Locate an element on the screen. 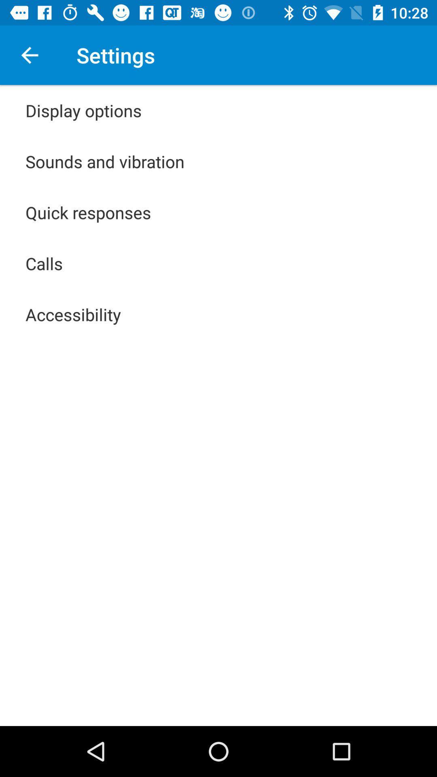 Image resolution: width=437 pixels, height=777 pixels. the app below quick responses is located at coordinates (44, 263).